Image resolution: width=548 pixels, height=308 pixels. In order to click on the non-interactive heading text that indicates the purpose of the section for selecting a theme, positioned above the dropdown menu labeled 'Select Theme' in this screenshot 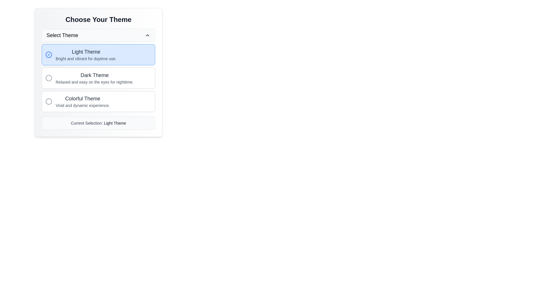, I will do `click(98, 19)`.